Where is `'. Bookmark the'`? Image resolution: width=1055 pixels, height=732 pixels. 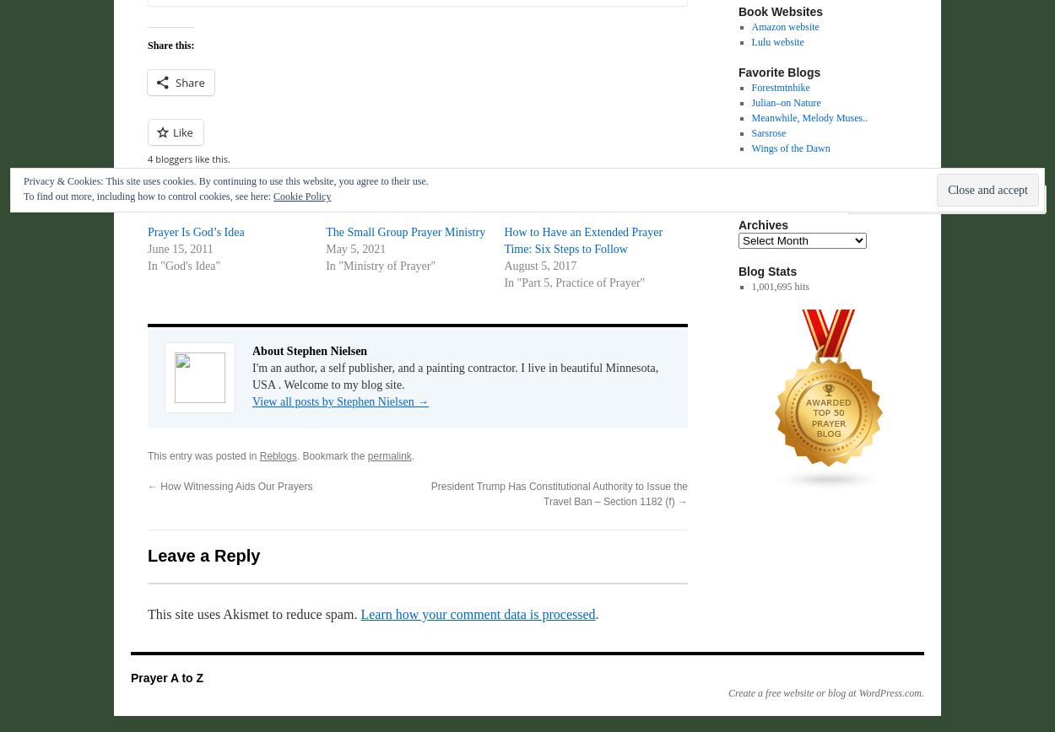
'. Bookmark the' is located at coordinates (332, 456).